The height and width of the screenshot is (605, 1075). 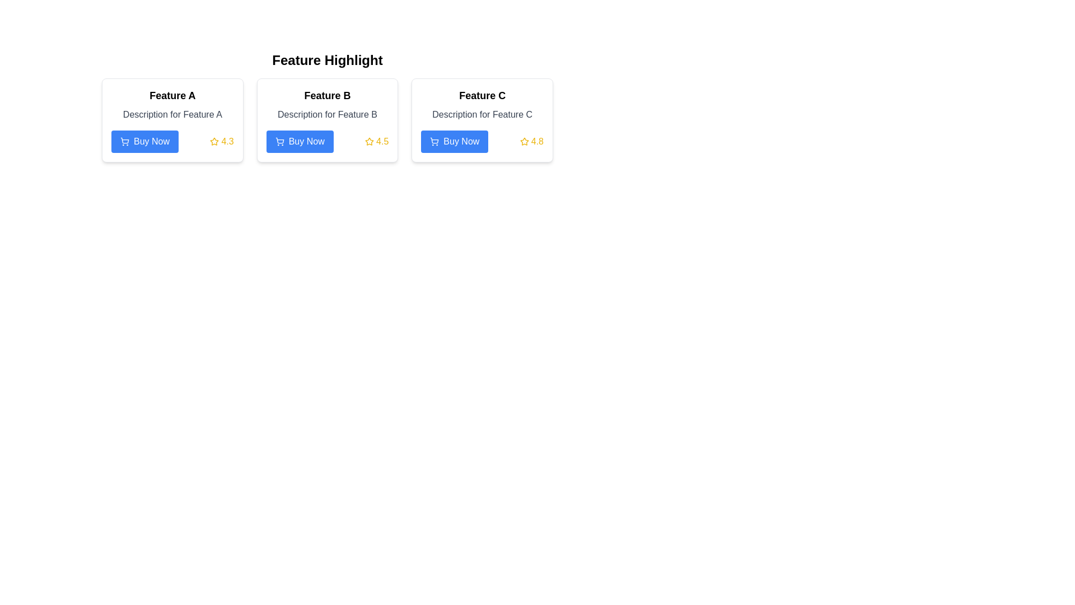 What do you see at coordinates (214, 141) in the screenshot?
I see `the rating represented by the icon located in the 'Feature A' panel, adjacent to the 'Buy Now' button, which displays a star icon and the numerical value '4.3'` at bounding box center [214, 141].